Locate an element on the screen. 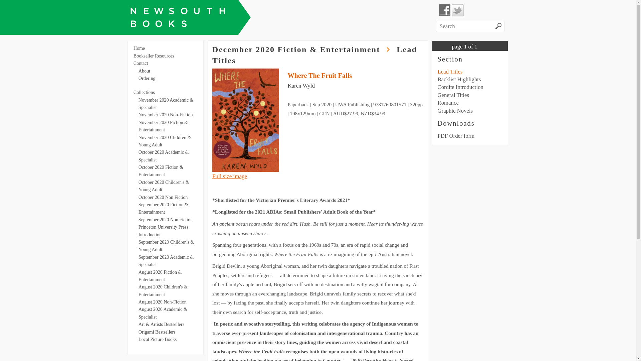 This screenshot has width=641, height=361. 'November 2020 Non-Fiction' is located at coordinates (138, 114).